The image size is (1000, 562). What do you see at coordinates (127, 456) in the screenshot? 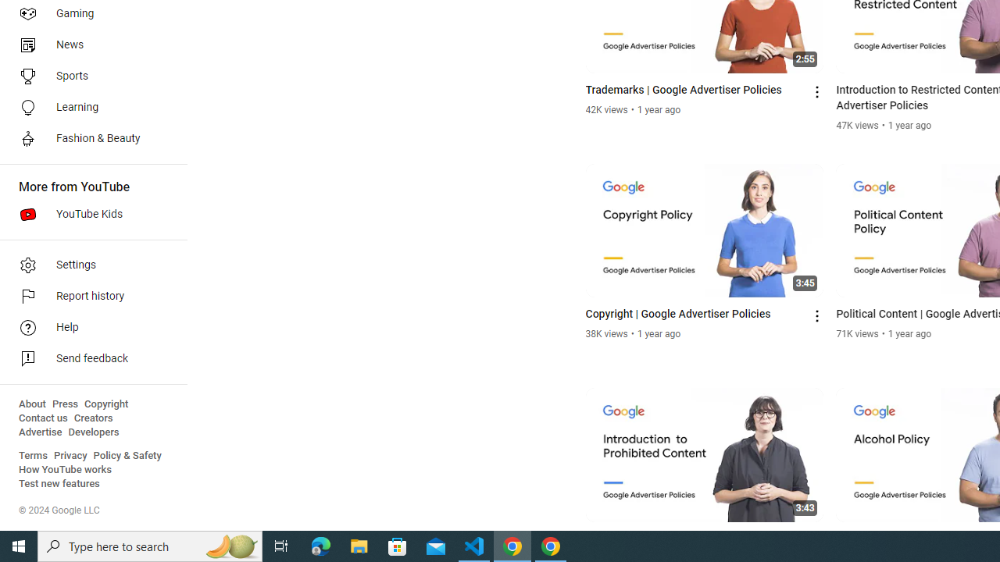
I see `'Policy & Safety'` at bounding box center [127, 456].